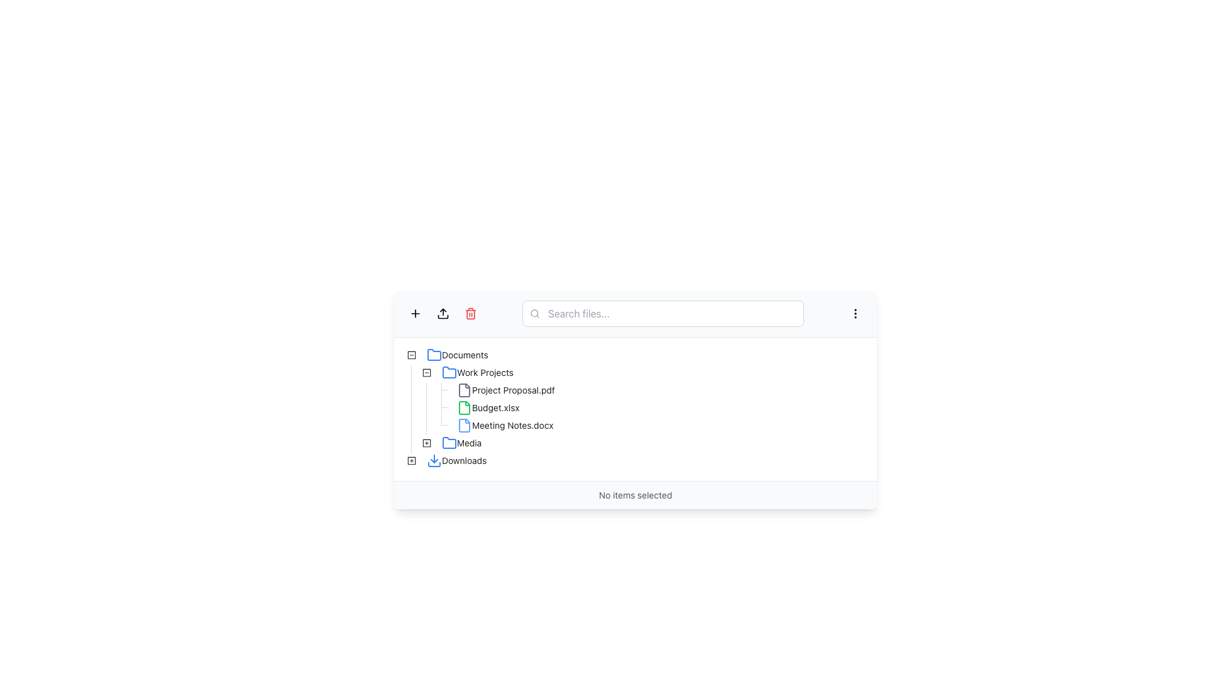  Describe the element at coordinates (441, 425) in the screenshot. I see `the tree switcher indicator located to the left of 'Meeting Notes.docx' in the 'Work Projects' section under 'Documents.'` at that location.